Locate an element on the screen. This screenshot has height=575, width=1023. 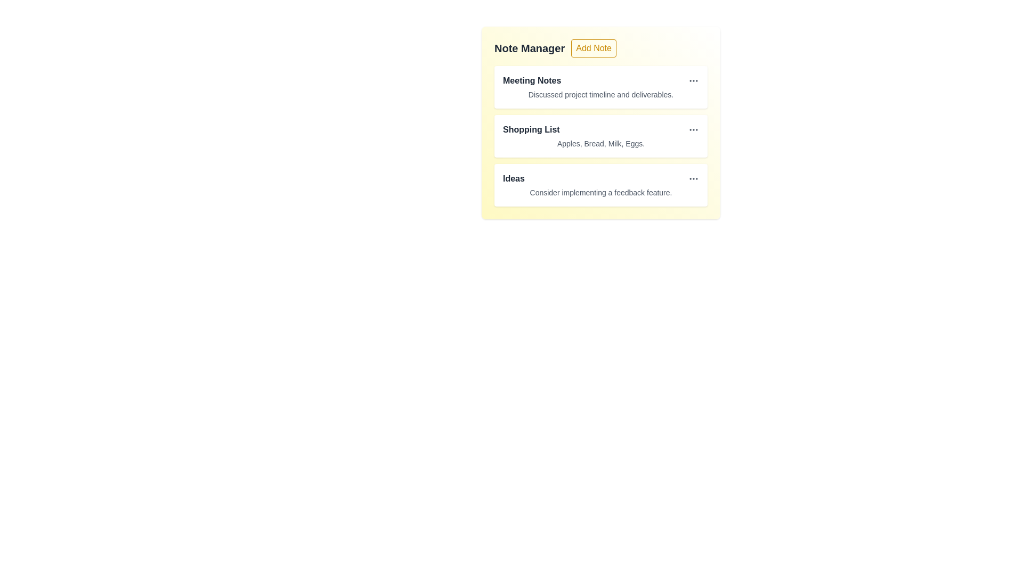
the 'MoreHorizontal' icon next to the note titled 'Shopping List' is located at coordinates (693, 129).